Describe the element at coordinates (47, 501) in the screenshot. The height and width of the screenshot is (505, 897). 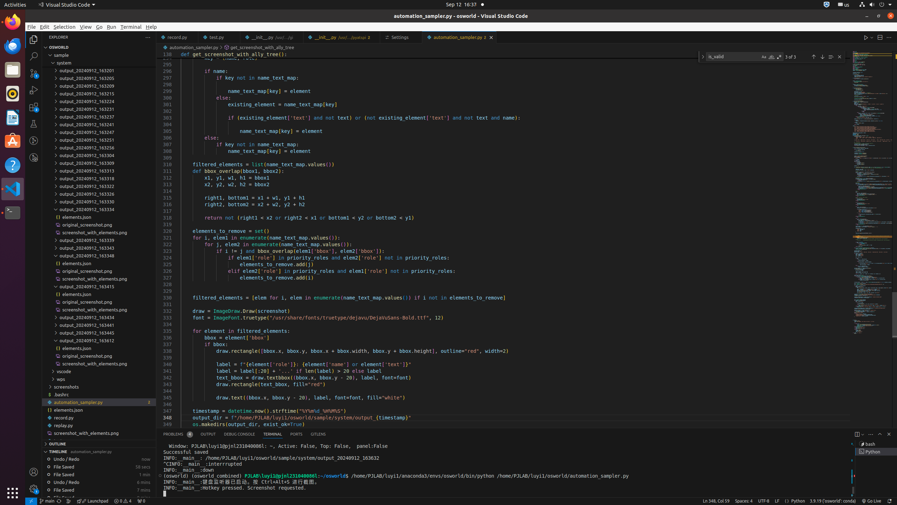
I see `'OSWorld (Git) - main, Checkout Branch/Tag...'` at that location.